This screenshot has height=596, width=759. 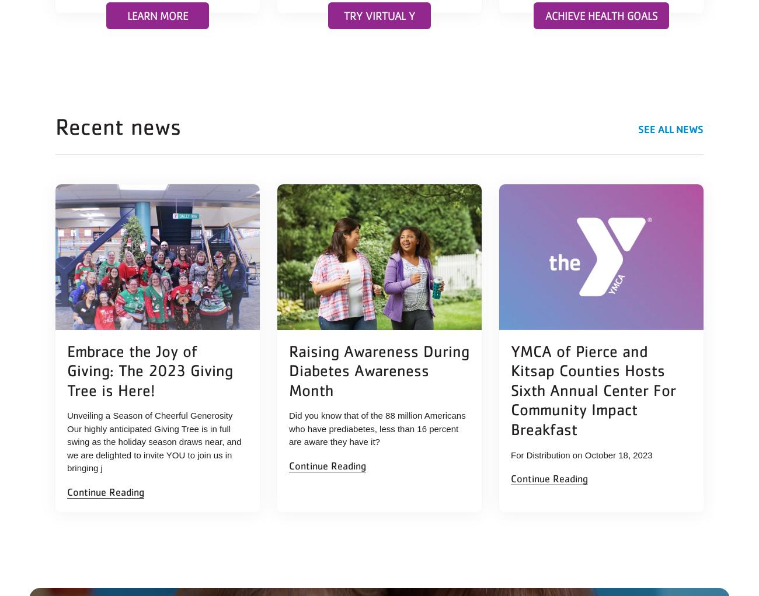 What do you see at coordinates (127, 15) in the screenshot?
I see `'Learn More'` at bounding box center [127, 15].